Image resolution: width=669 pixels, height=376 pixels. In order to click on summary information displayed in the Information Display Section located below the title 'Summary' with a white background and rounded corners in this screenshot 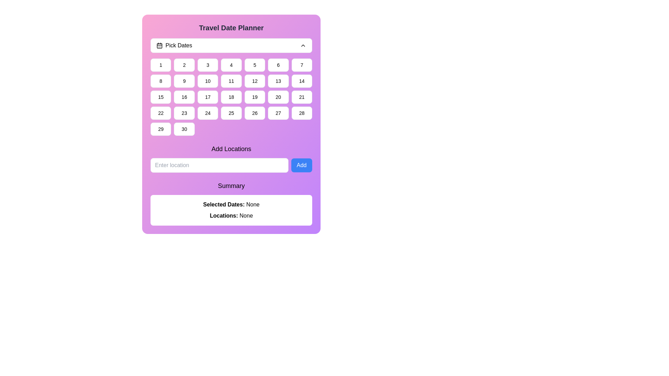, I will do `click(231, 203)`.